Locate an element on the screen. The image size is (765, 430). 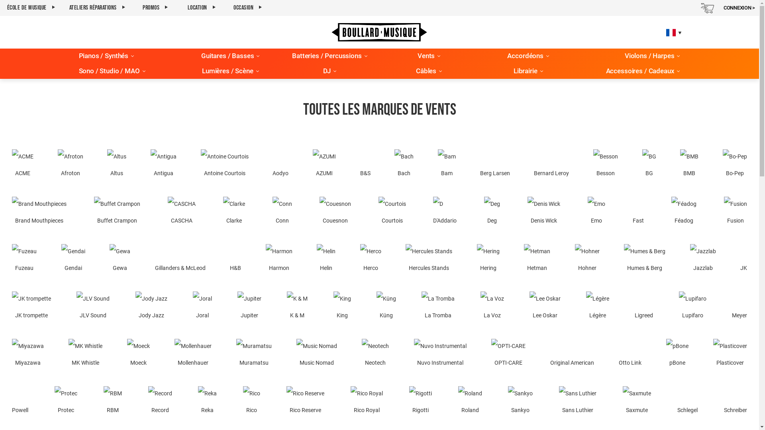
'Hercules Stands' is located at coordinates (428, 260).